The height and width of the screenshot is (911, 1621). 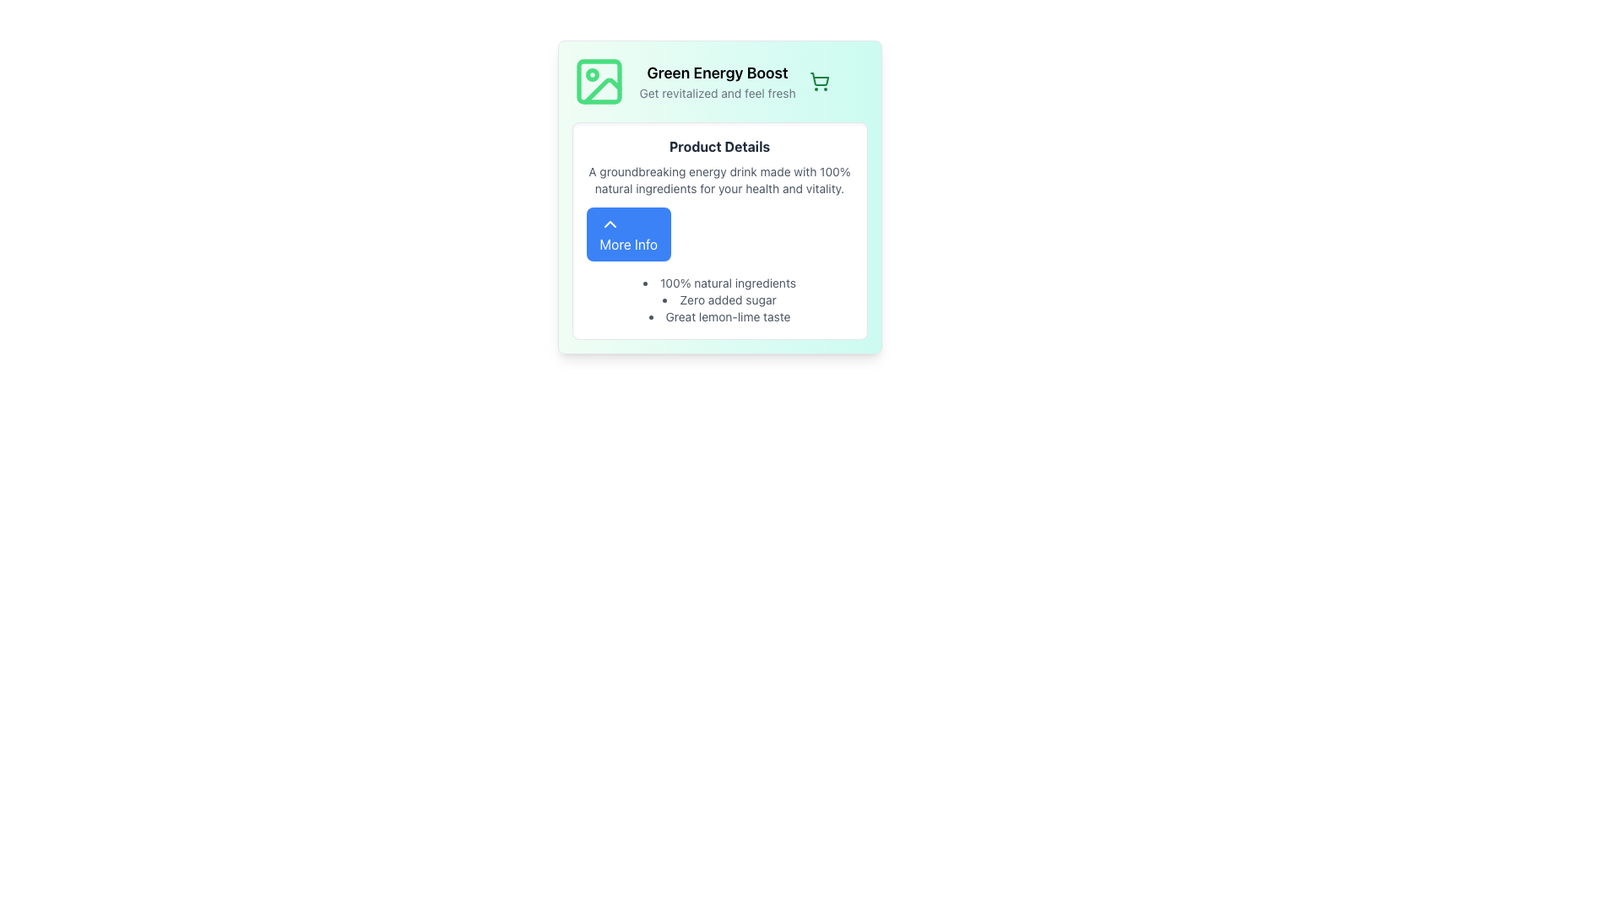 I want to click on the content of the text block containing the heading 'Green Energy Boost' and subtext 'Get revitalized and feel fresh', so click(x=717, y=81).